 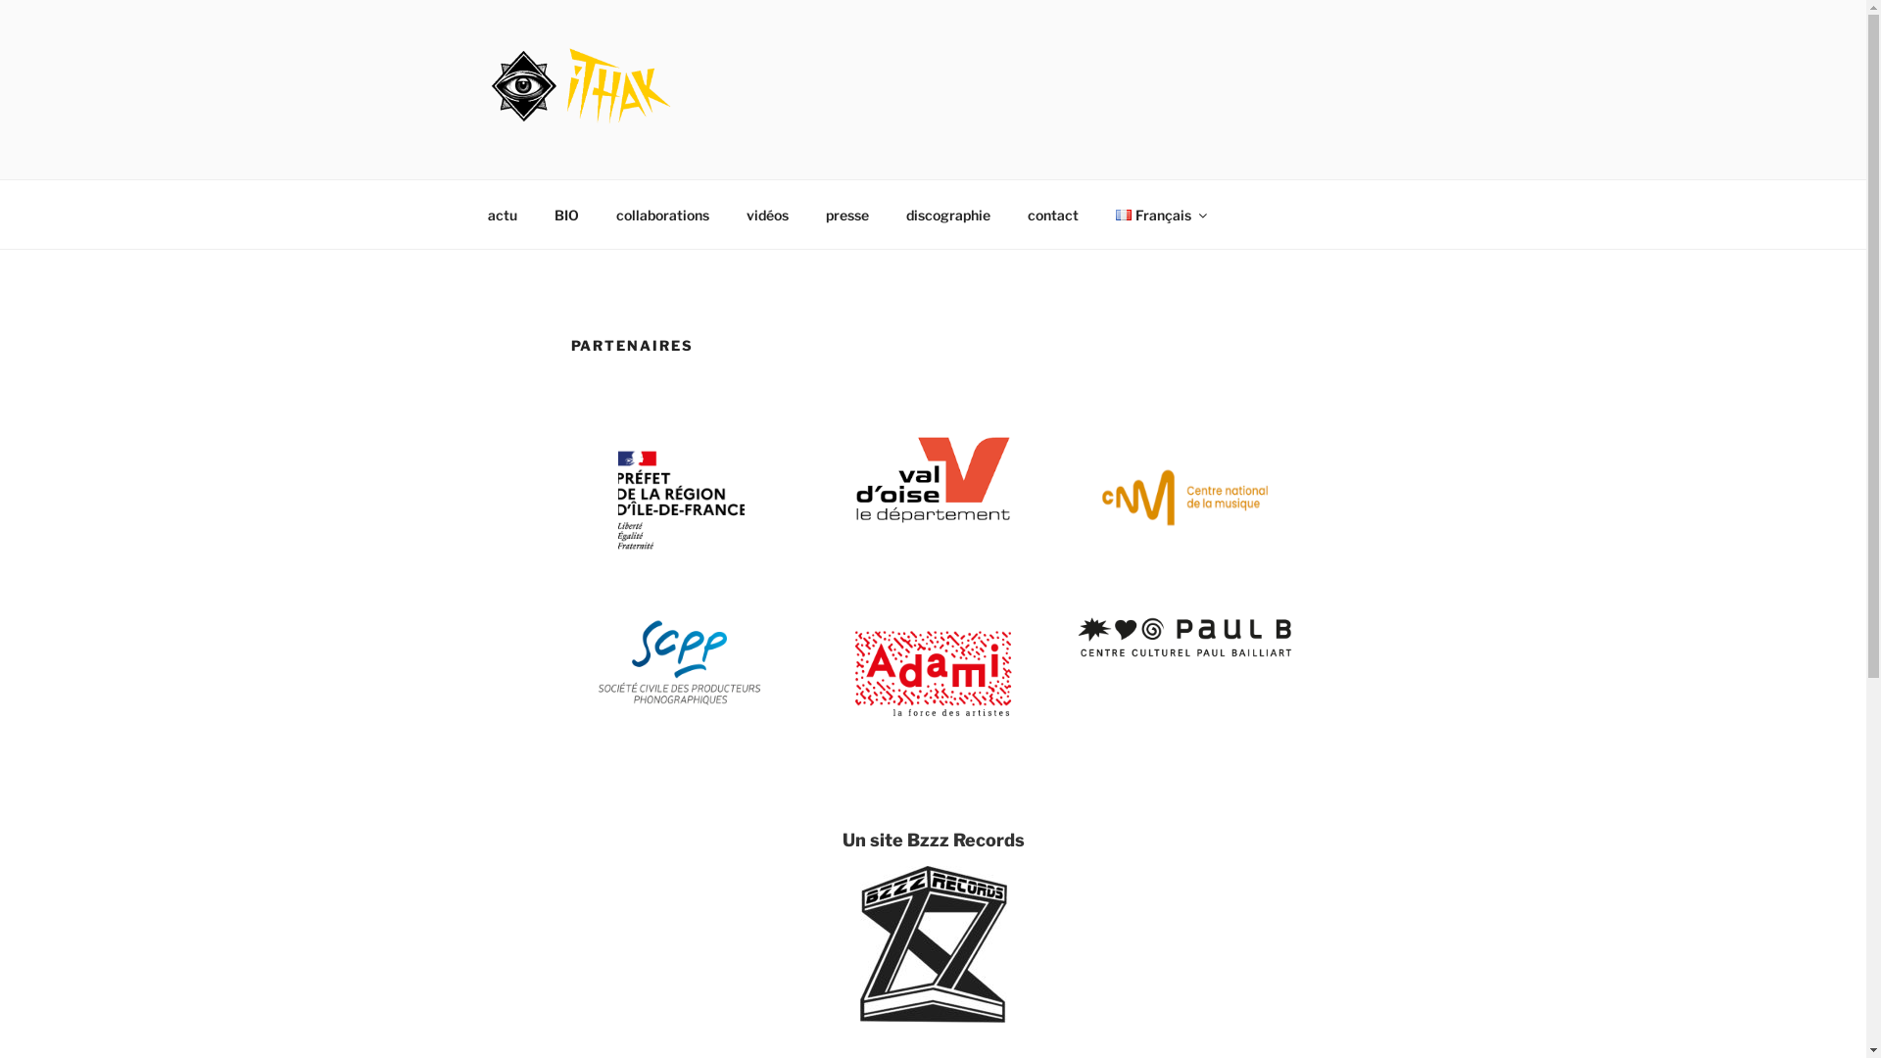 I want to click on 'discographie', so click(x=948, y=214).